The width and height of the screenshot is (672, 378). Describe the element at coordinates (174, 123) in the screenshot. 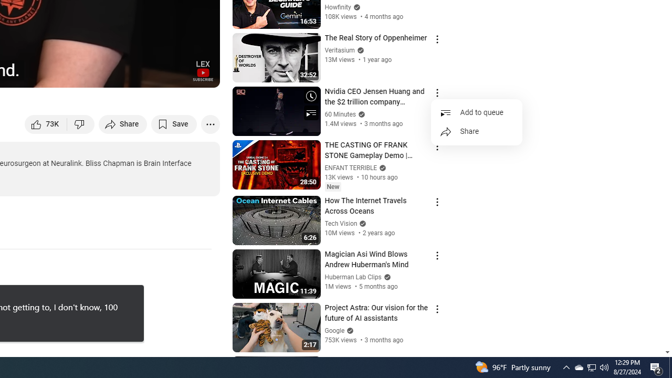

I see `'Save to playlist'` at that location.